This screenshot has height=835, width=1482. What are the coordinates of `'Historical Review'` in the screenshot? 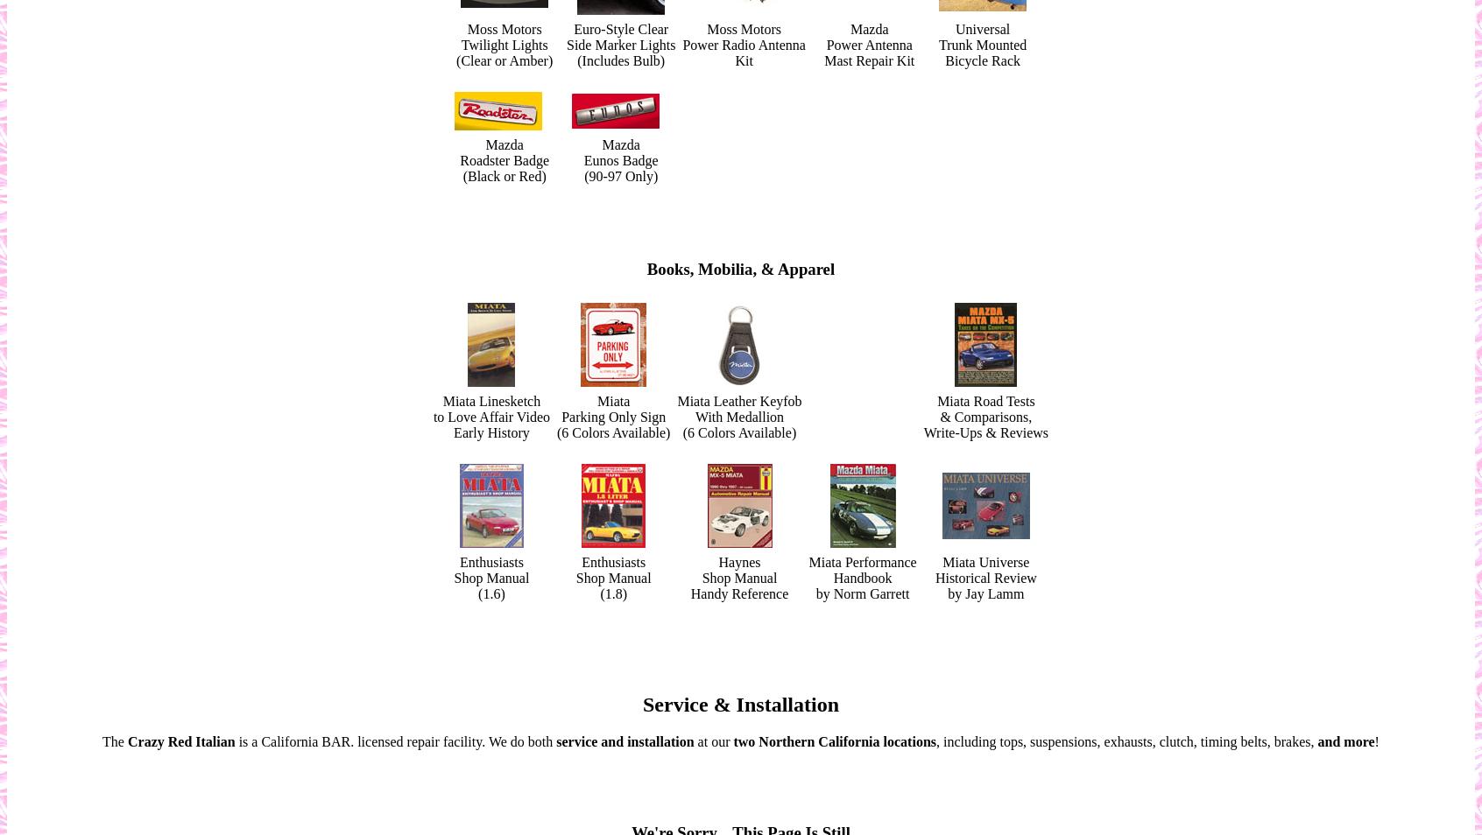 It's located at (934, 576).